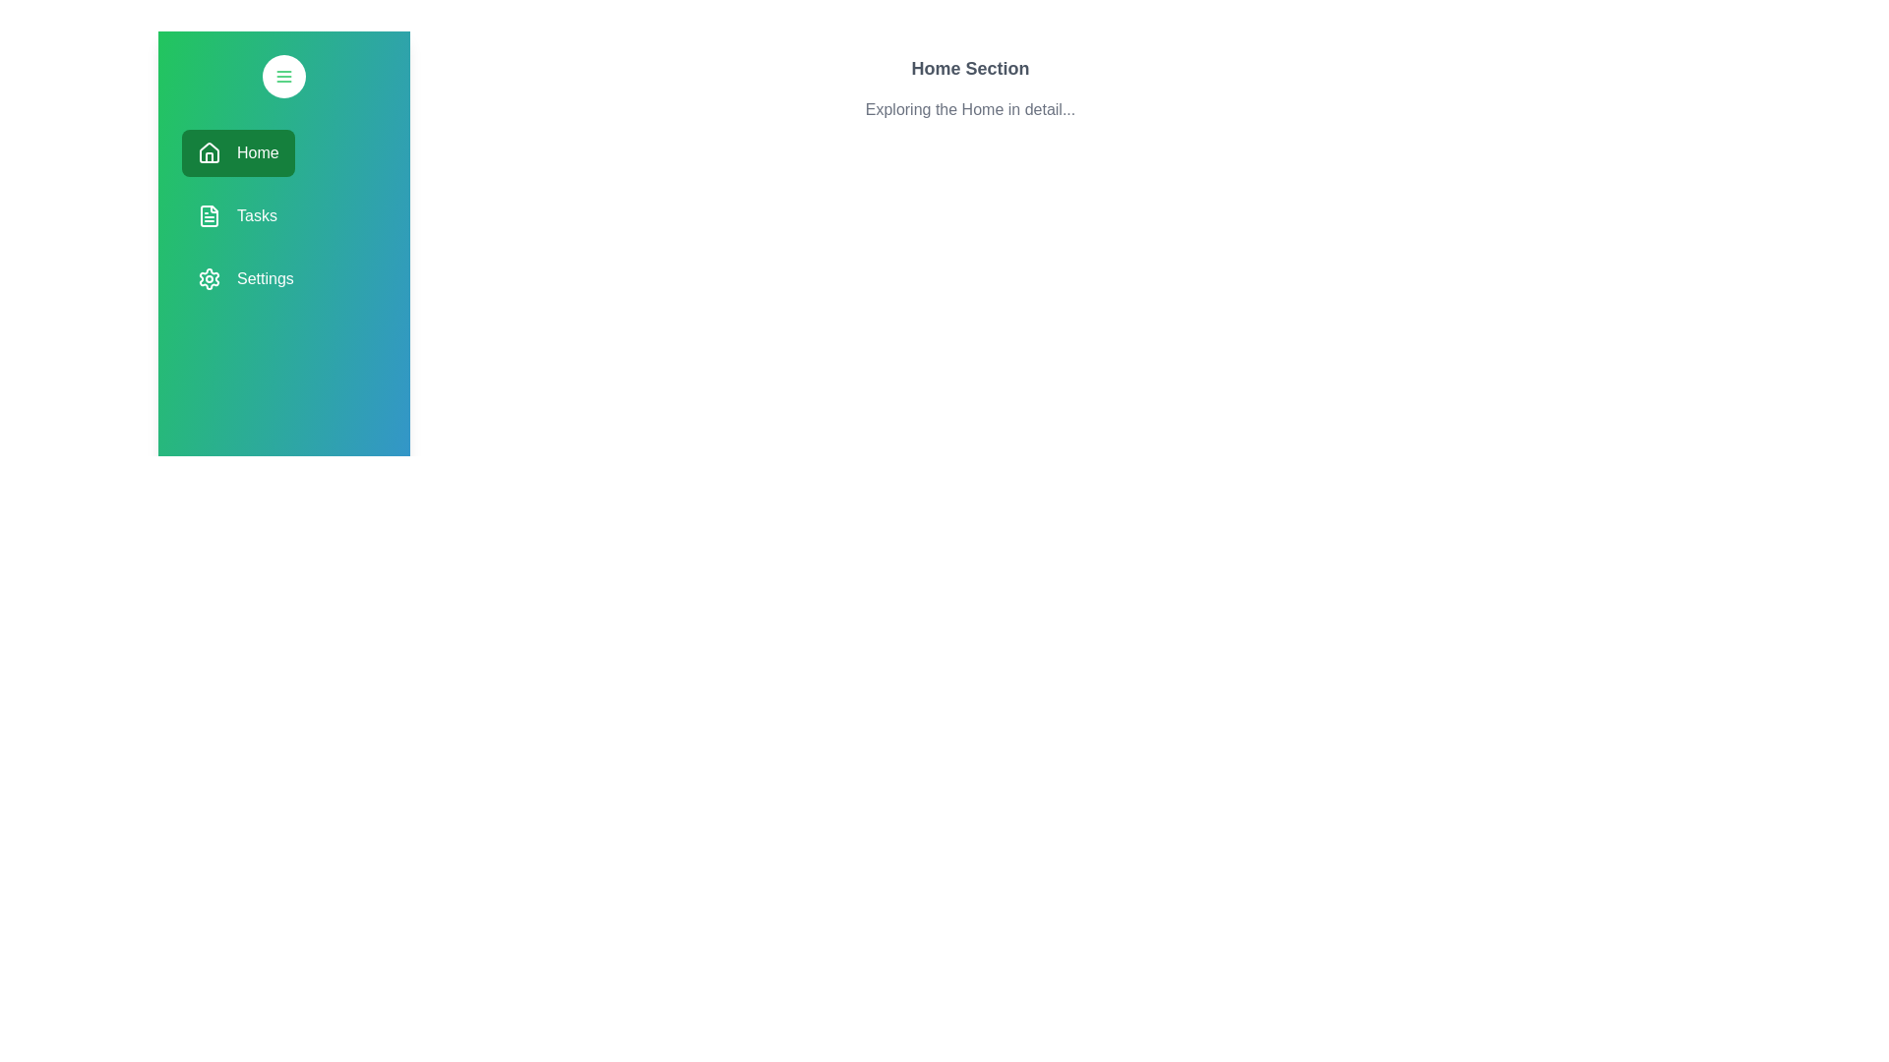 The image size is (1889, 1062). I want to click on the Home navigation button by targeting the text label located in the green sidebar, positioned to the right of the house-shaped icon, so click(257, 151).